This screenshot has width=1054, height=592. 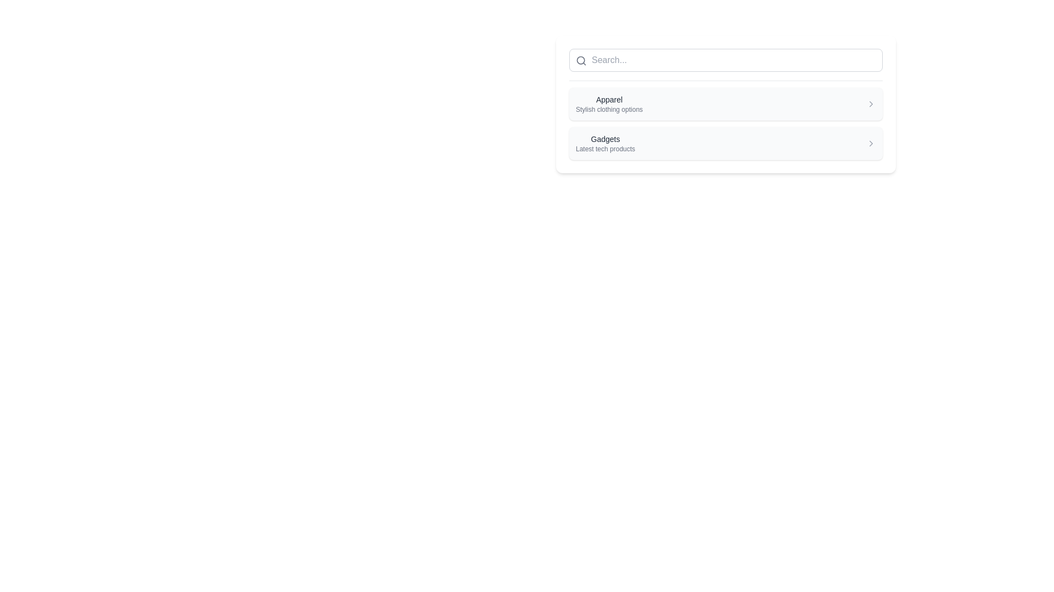 I want to click on the 'Gadgets' list item, which displays 'Latest tech products', so click(x=726, y=143).